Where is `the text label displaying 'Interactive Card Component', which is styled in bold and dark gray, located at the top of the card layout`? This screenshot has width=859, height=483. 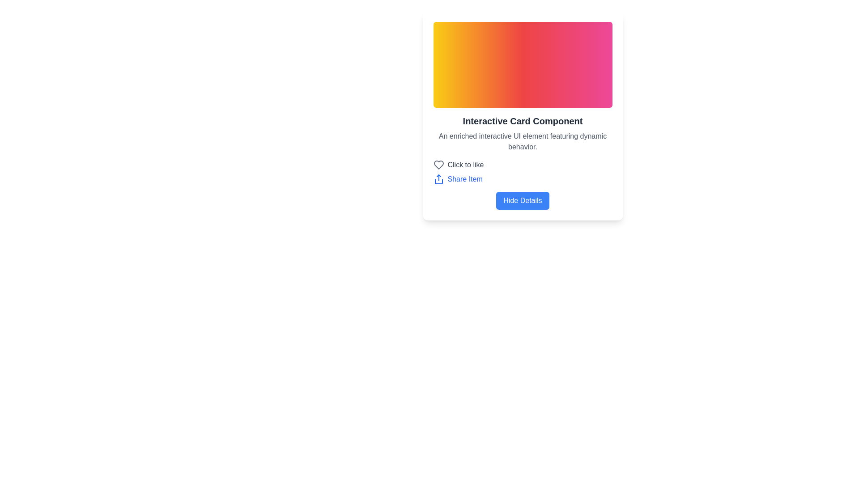
the text label displaying 'Interactive Card Component', which is styled in bold and dark gray, located at the top of the card layout is located at coordinates (523, 121).